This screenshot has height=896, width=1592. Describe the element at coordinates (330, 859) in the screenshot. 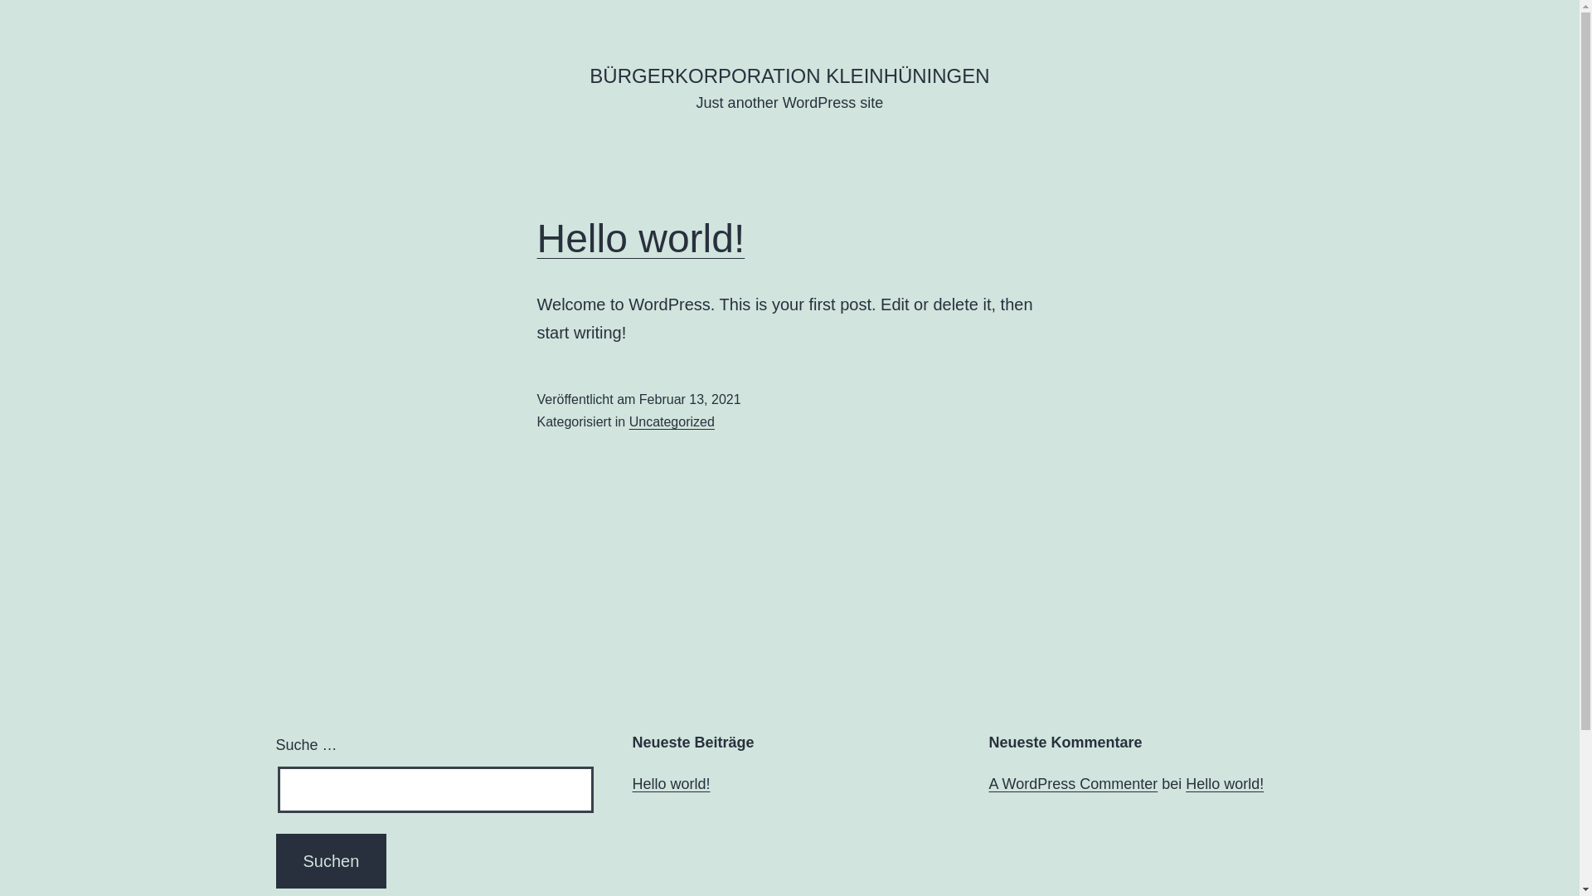

I see `'Suchen'` at that location.